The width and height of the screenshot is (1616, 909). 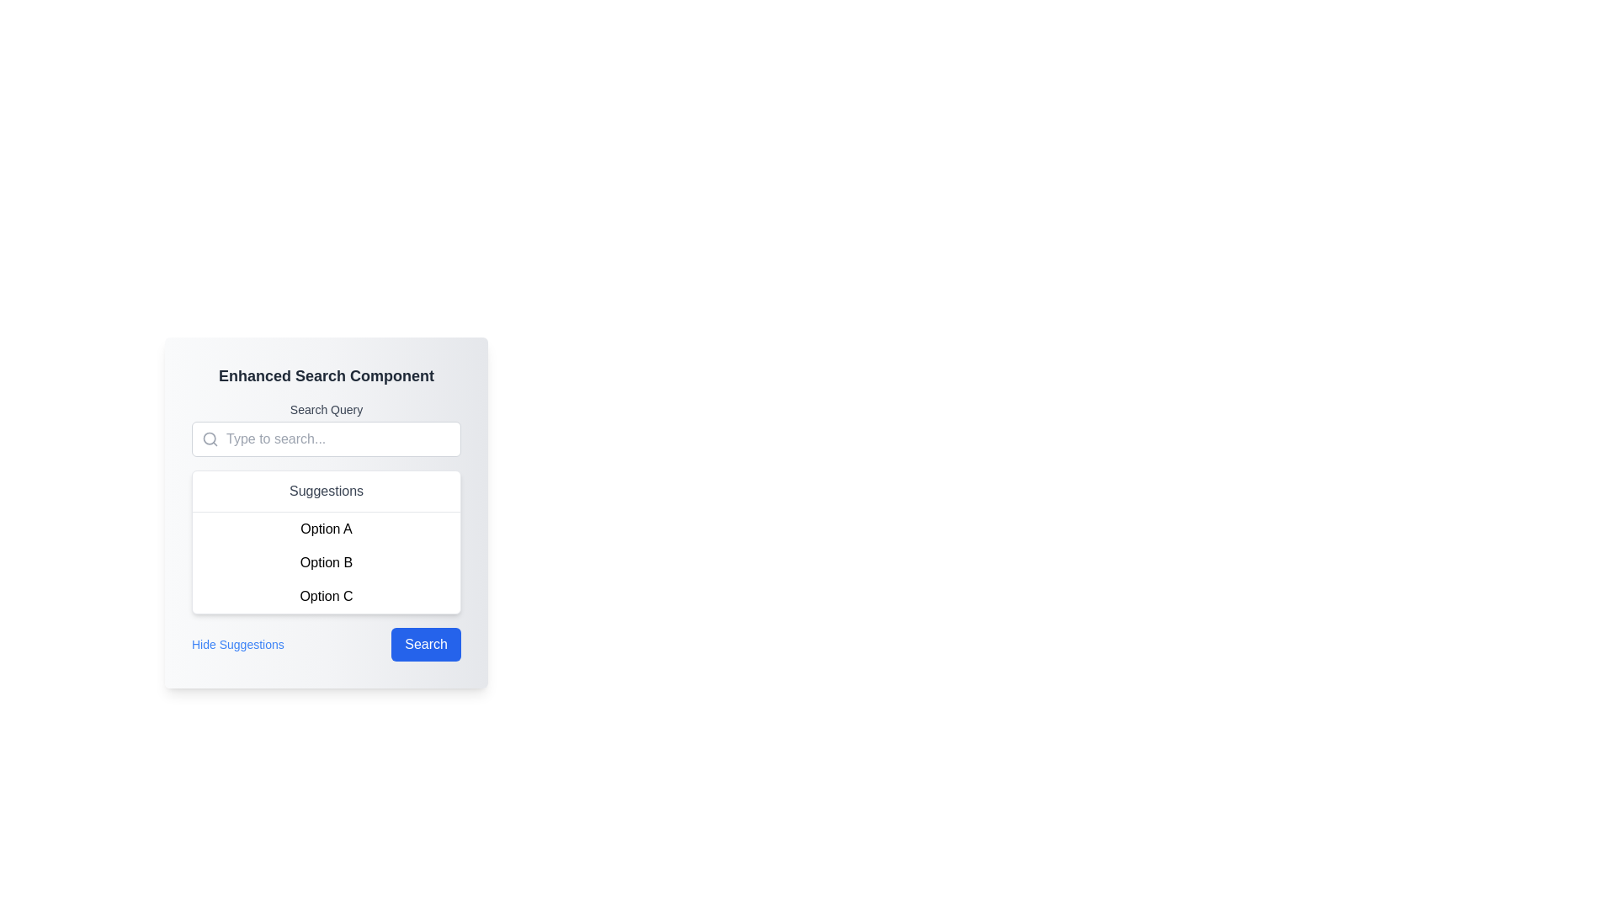 What do you see at coordinates (426, 644) in the screenshot?
I see `the 'Search' button with a blue background and white text` at bounding box center [426, 644].